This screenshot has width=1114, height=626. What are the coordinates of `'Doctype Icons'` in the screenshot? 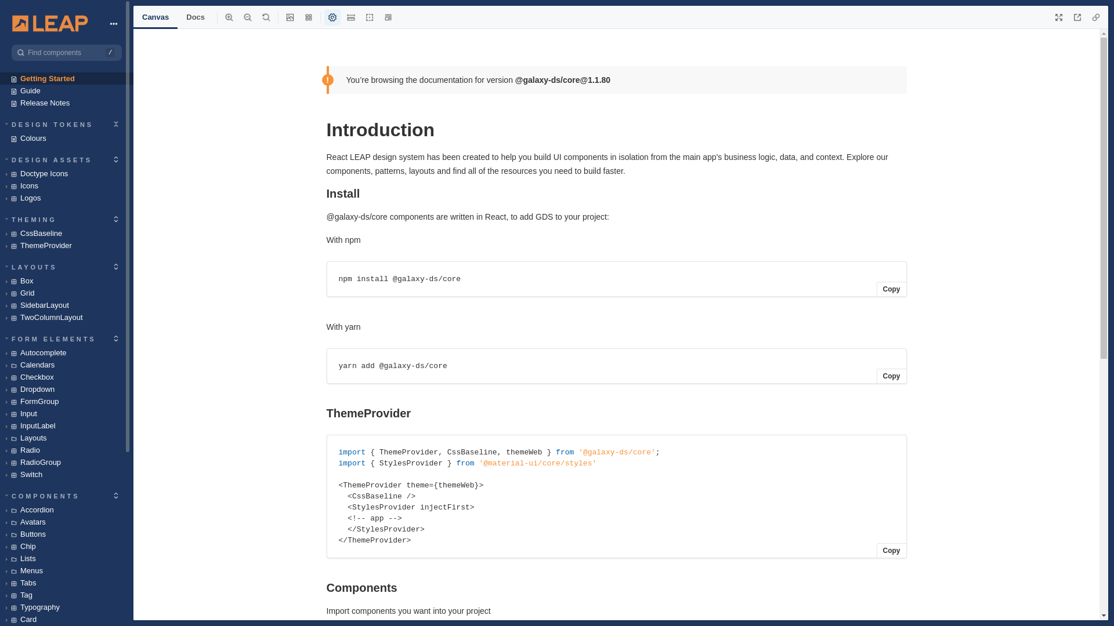 It's located at (66, 173).